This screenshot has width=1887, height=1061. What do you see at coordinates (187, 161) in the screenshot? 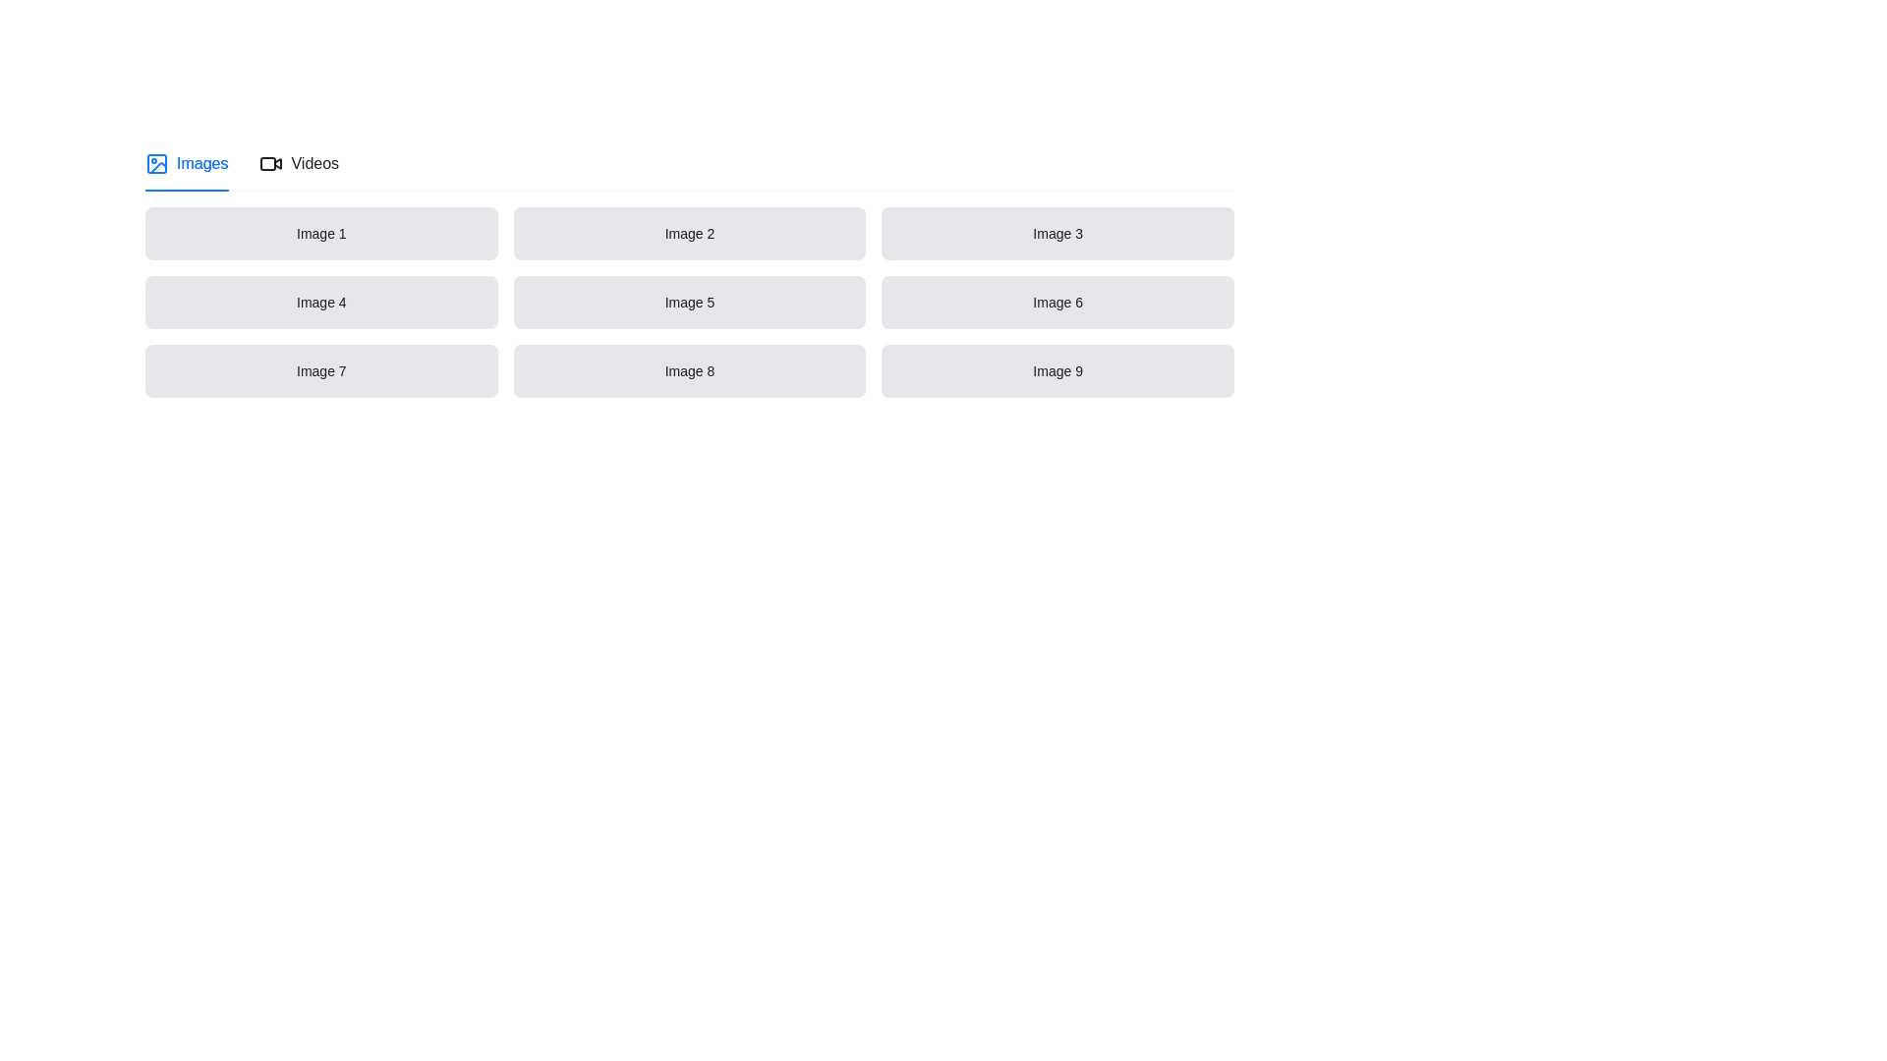
I see `the first tab` at bounding box center [187, 161].